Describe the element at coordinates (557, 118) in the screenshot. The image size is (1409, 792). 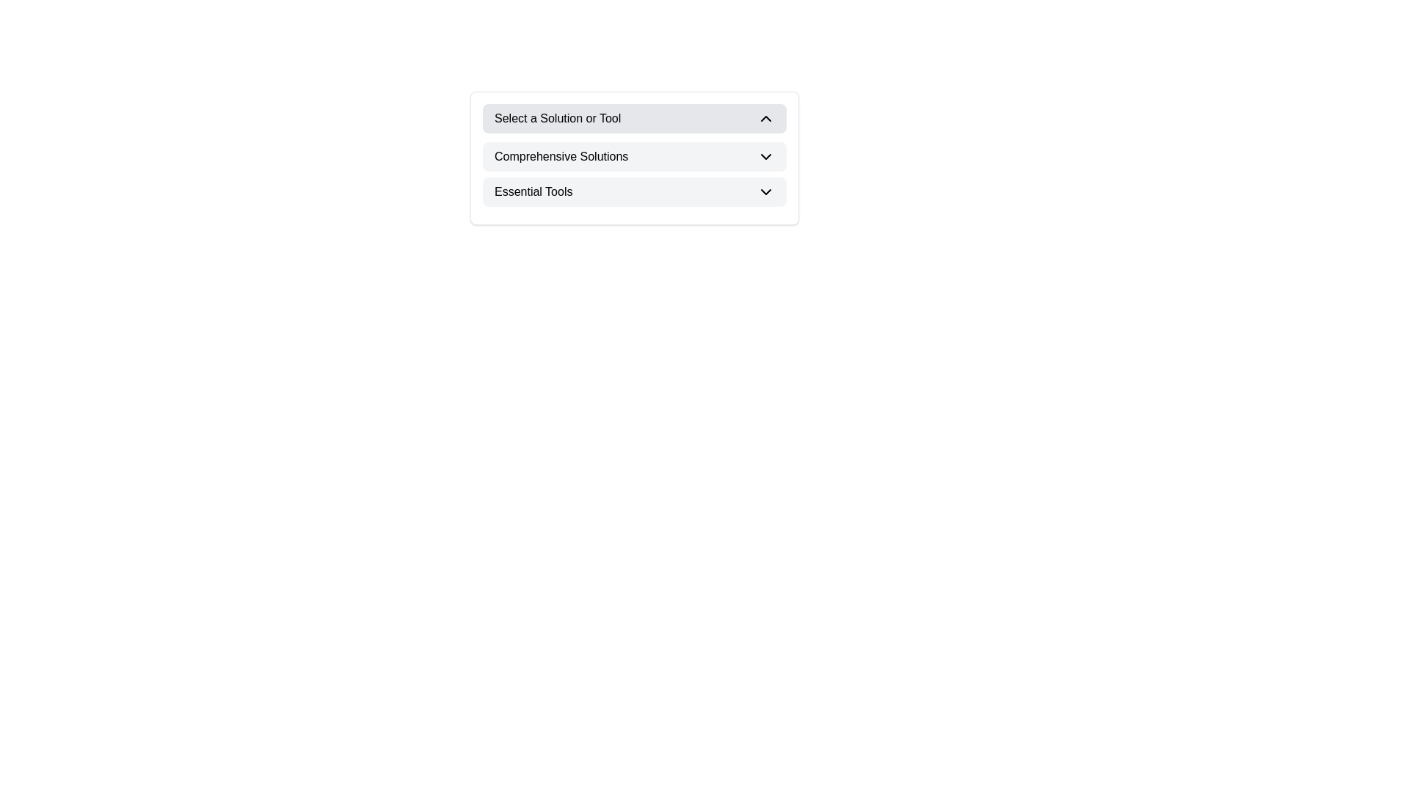
I see `the Label for Dropdown Menu, which prompts the user to select an option or tool from the list, located at the top of the dropdown menus` at that location.